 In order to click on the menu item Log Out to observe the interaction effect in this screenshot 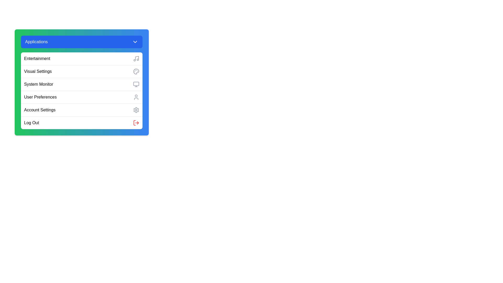, I will do `click(81, 123)`.